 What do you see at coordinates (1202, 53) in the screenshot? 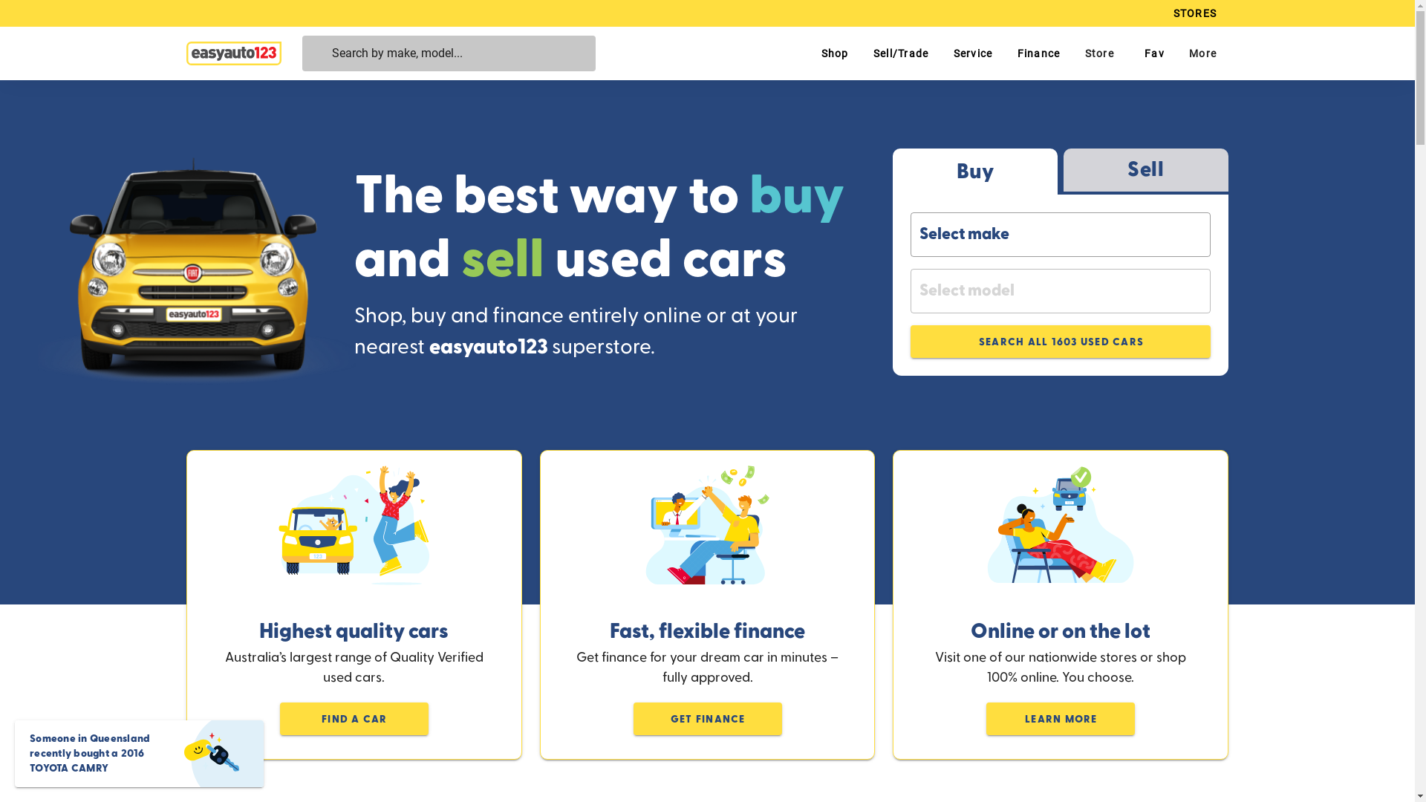
I see `'More'` at bounding box center [1202, 53].